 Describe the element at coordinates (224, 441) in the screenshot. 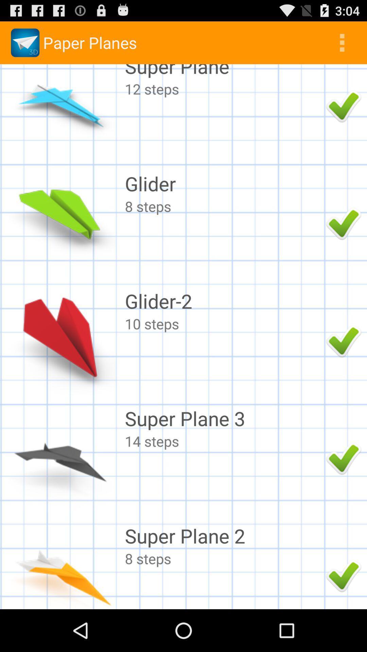

I see `the 14 steps item` at that location.